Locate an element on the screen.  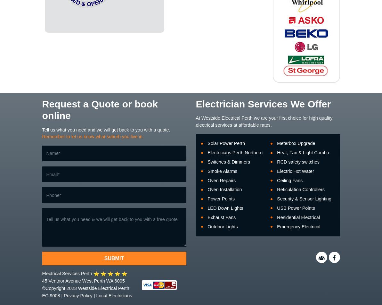
'©Copyright 2023 Westside Electrical Perth' is located at coordinates (85, 288).